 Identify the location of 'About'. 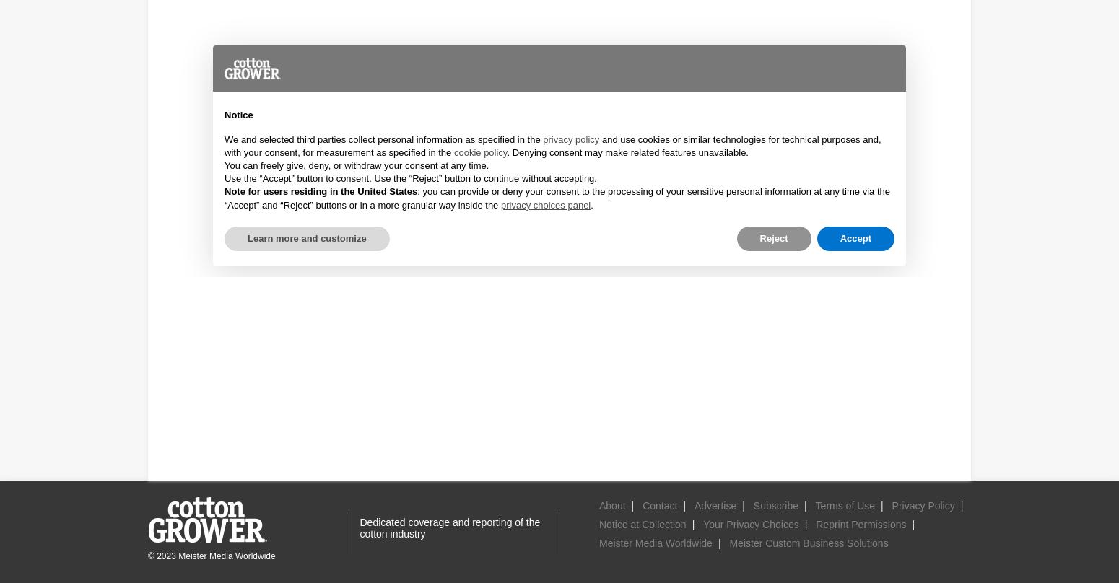
(611, 506).